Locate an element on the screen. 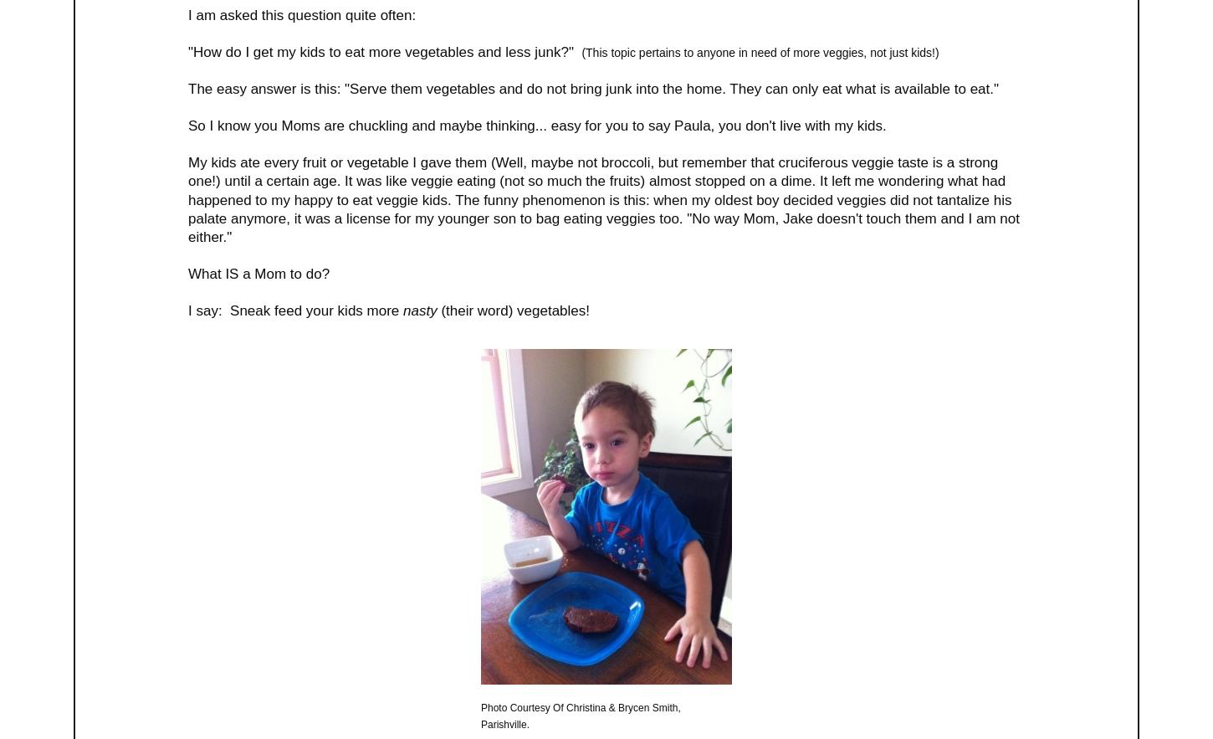 The width and height of the screenshot is (1213, 739). 'My kids ate every fruit or vegetable I gave them (Well, maybe not broccoli, but remember that cruciferous veggie taste is a strong one!) until a certain age. It was like veggie eating (not so much the fruits) almost stopped on a dime. It left me wondering what had happened to my happy to eat veggie kids. The funny phenomenon is this: when my oldest boy decided veggies did not tantalize his palate anymore, it was a license for my younger son to bag eating veggies too. "No way Mom, Jake doesn't touch them and I am not either."' is located at coordinates (602, 199).